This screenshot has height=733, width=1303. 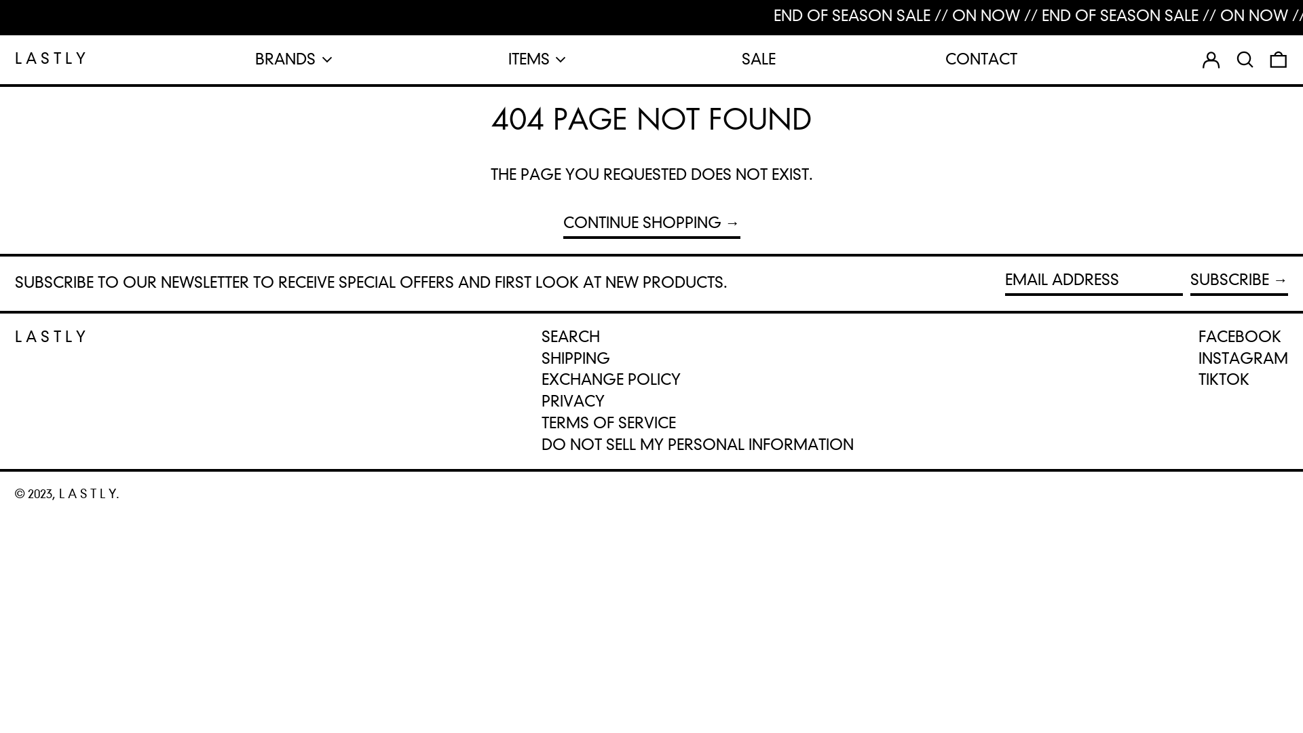 I want to click on '0 ITEMS', so click(x=1277, y=59).